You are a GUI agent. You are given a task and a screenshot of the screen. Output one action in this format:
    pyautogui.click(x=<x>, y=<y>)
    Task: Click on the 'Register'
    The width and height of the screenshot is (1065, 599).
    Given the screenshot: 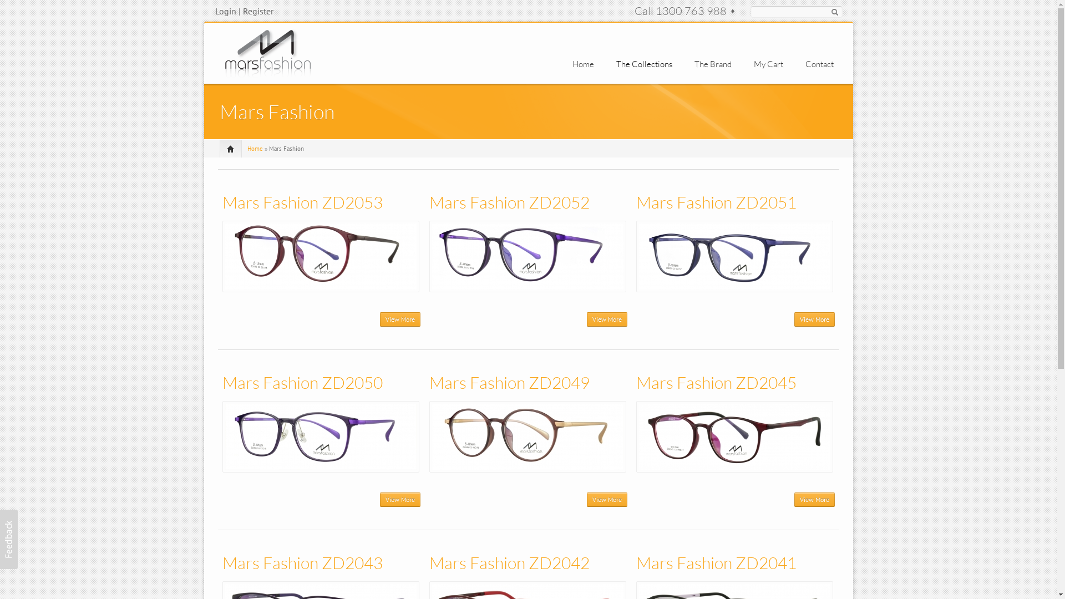 What is the action you would take?
    pyautogui.click(x=257, y=11)
    